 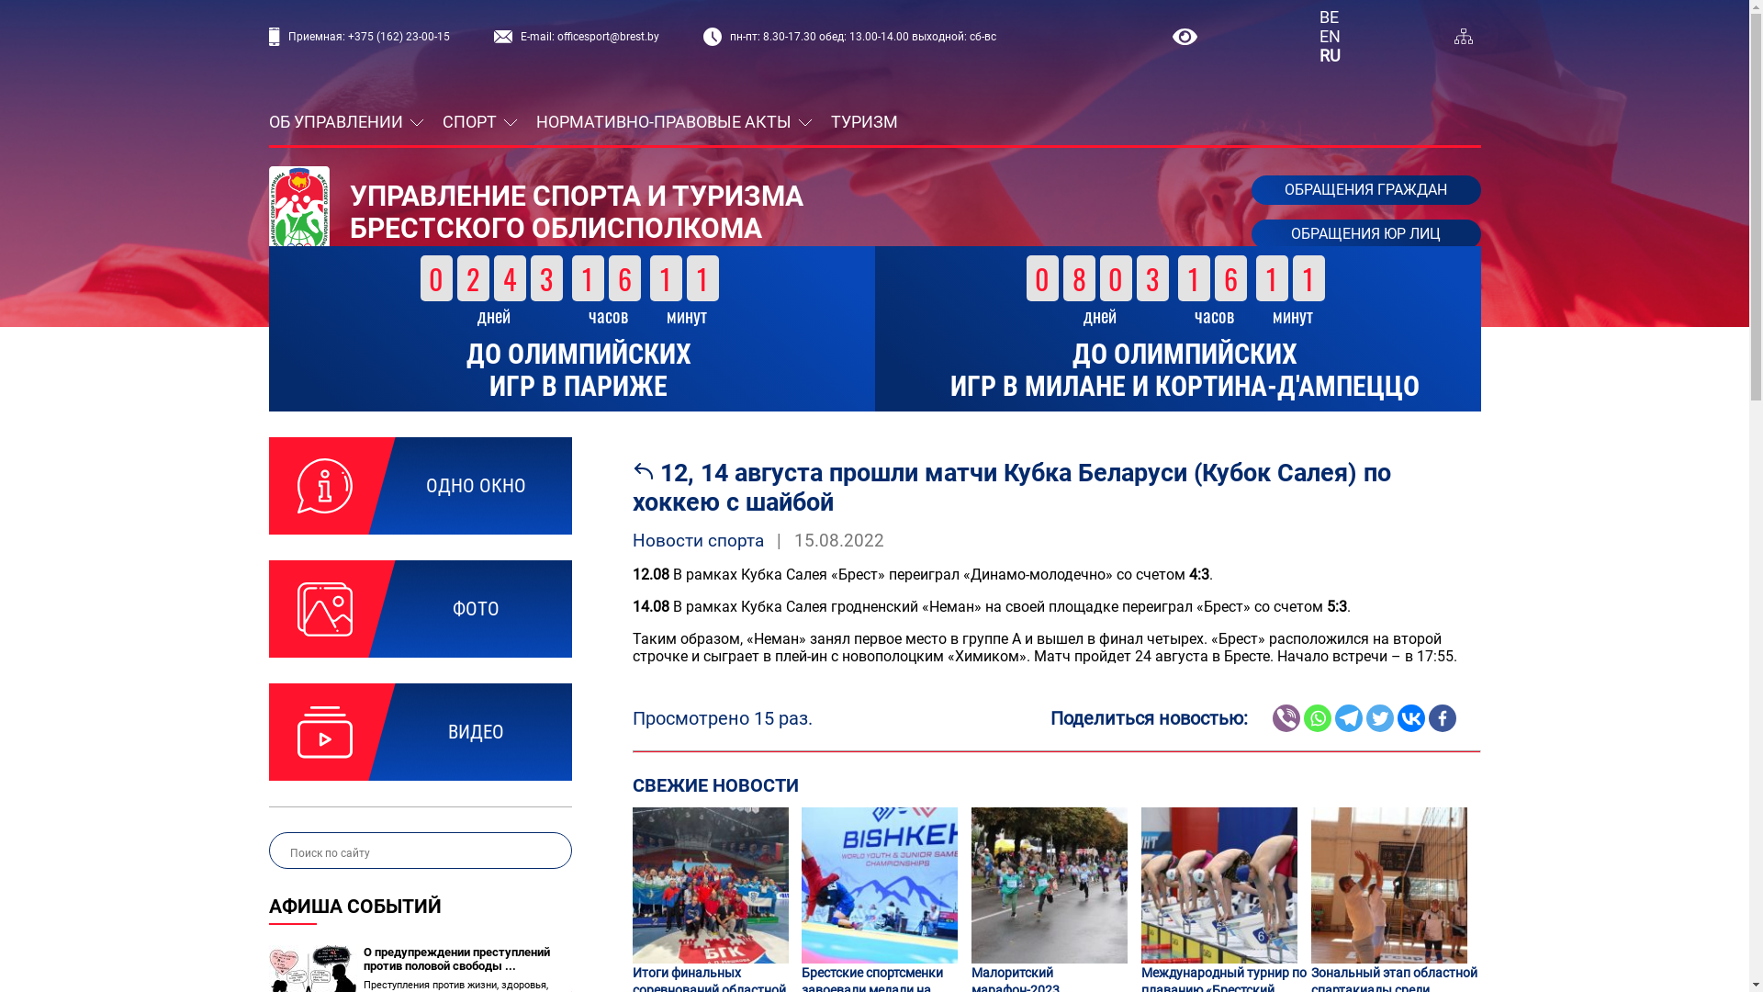 What do you see at coordinates (1286, 717) in the screenshot?
I see `'Viber'` at bounding box center [1286, 717].